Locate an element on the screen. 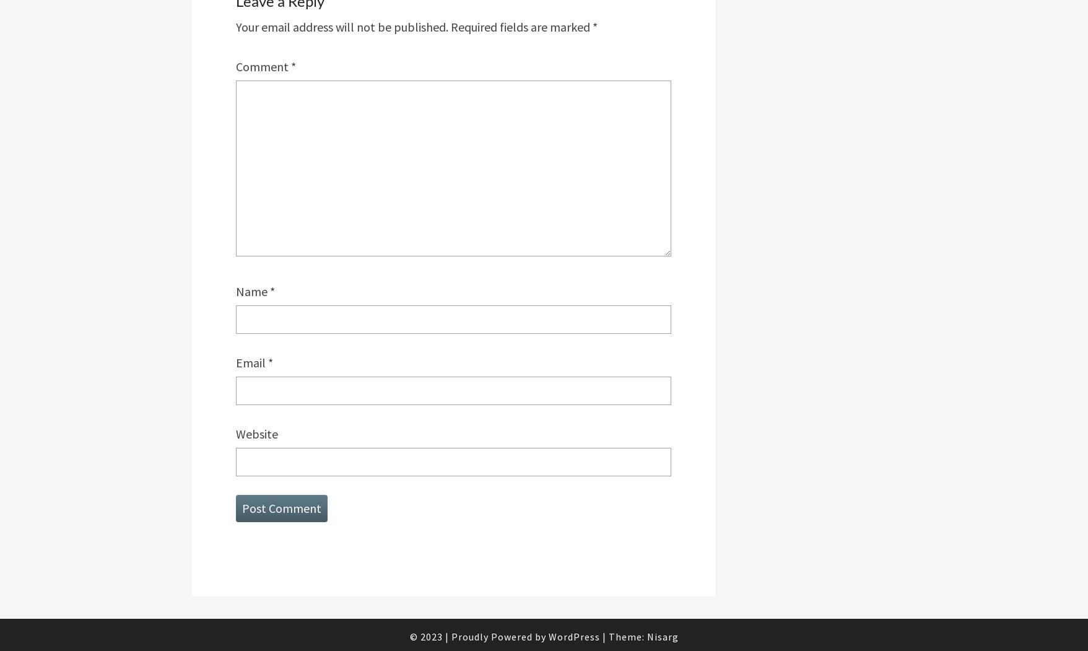  'Required fields are marked' is located at coordinates (521, 25).